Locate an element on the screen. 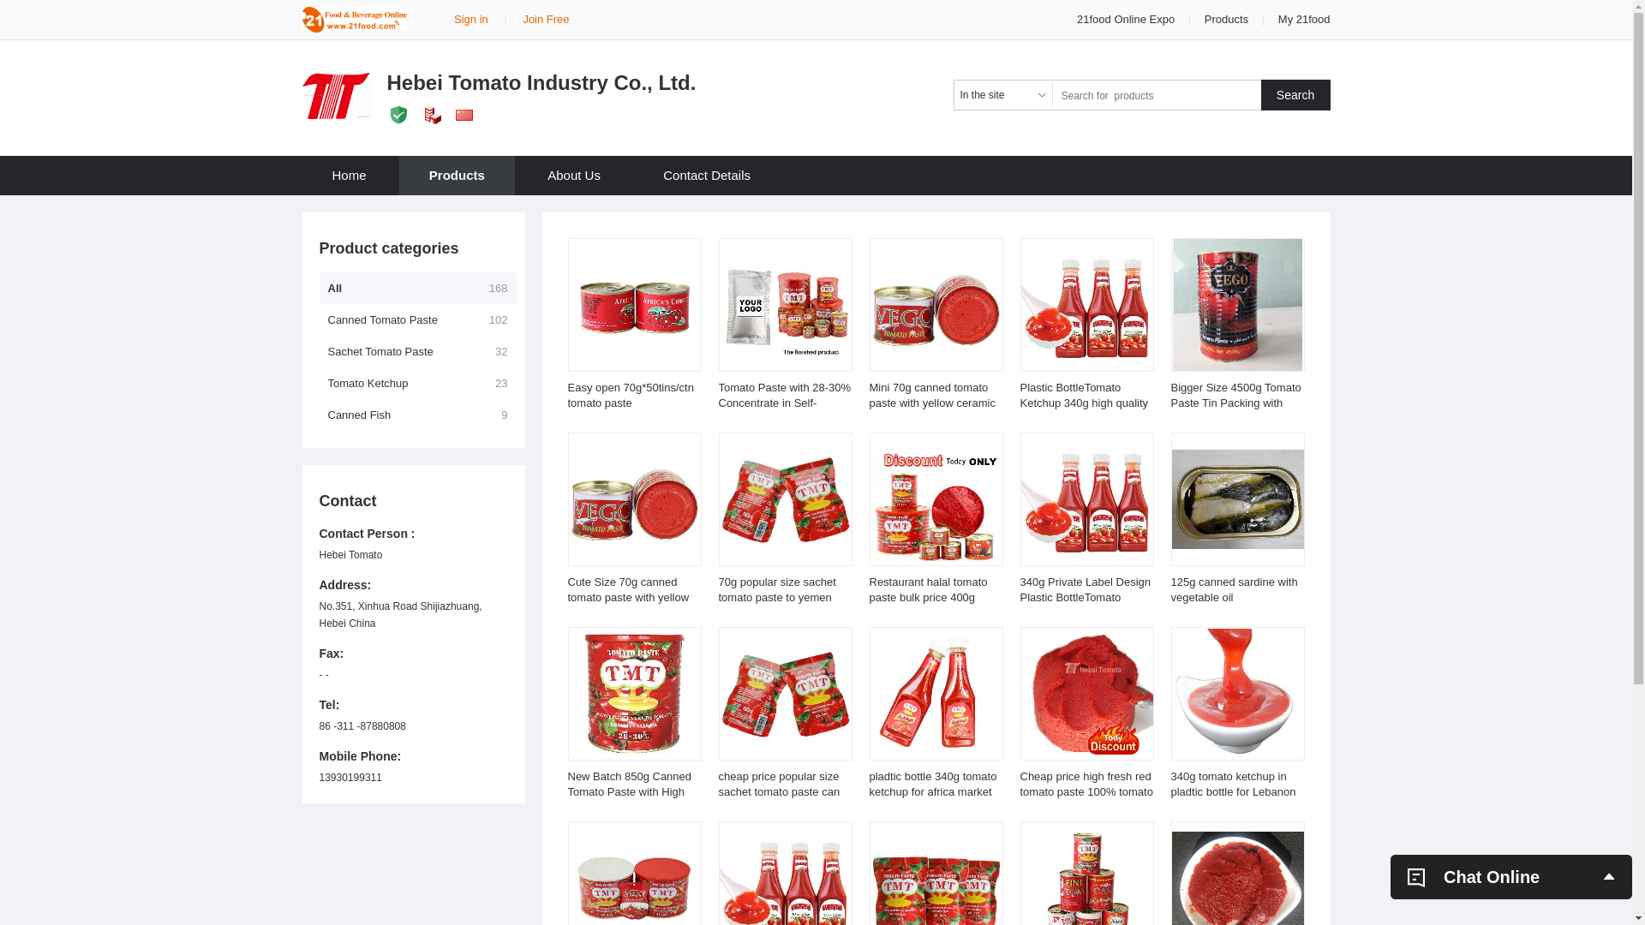 The width and height of the screenshot is (1645, 925). 'Plastic BottleTomato Ketchup 340g high quality' is located at coordinates (1083, 395).